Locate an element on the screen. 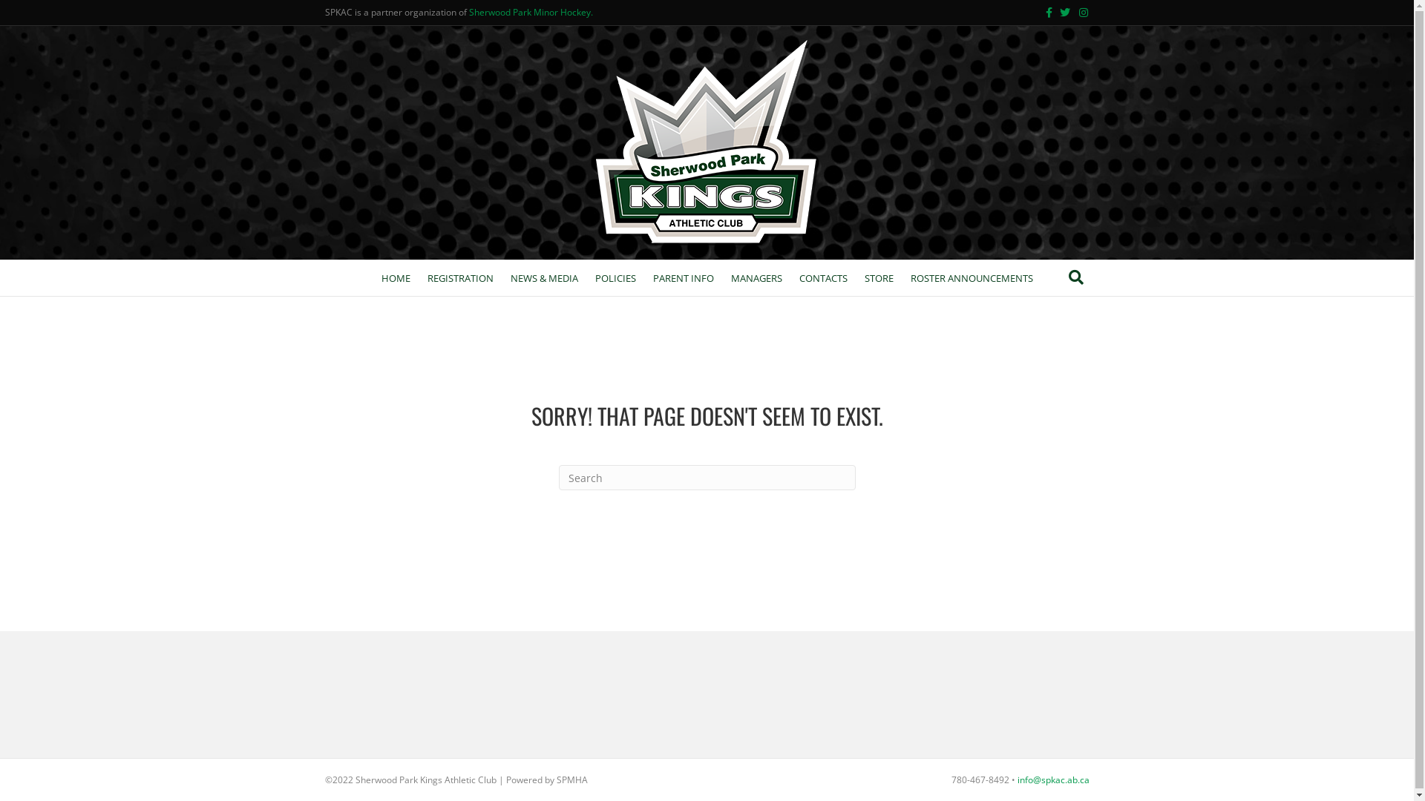 The width and height of the screenshot is (1425, 801). 'REGISTRATION' is located at coordinates (459, 277).